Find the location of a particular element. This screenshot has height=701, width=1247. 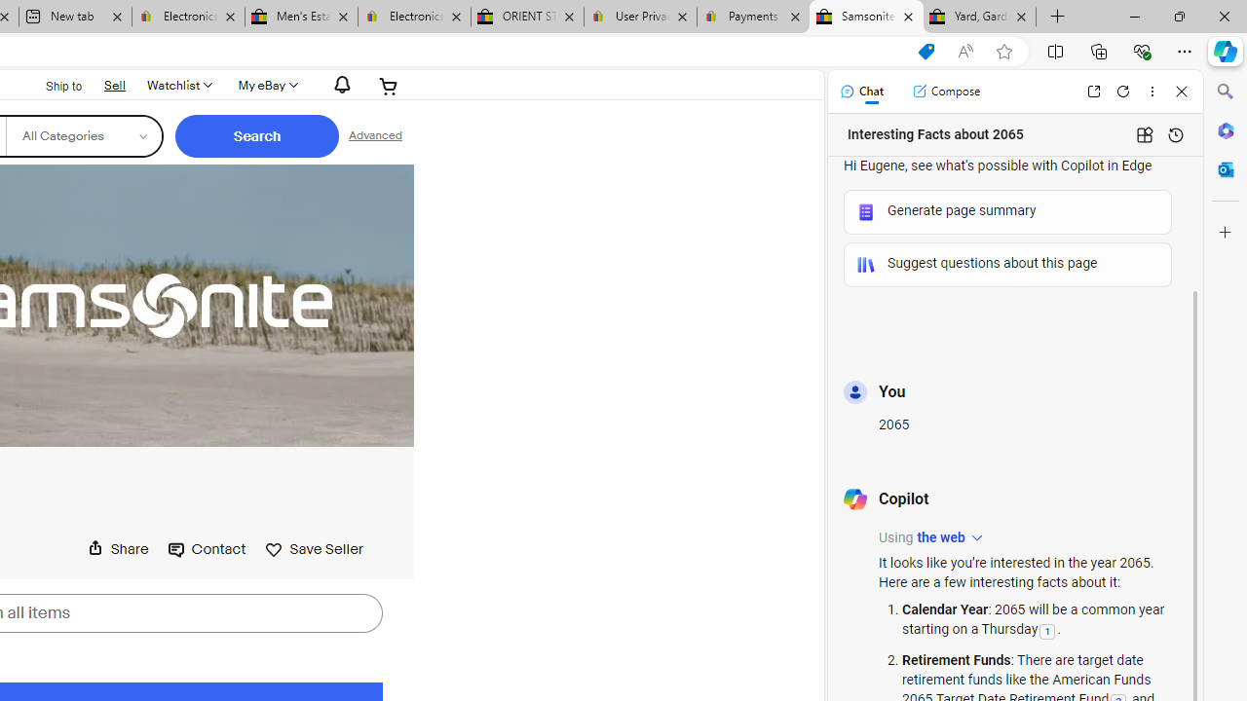

'Share this page' is located at coordinates (117, 548).